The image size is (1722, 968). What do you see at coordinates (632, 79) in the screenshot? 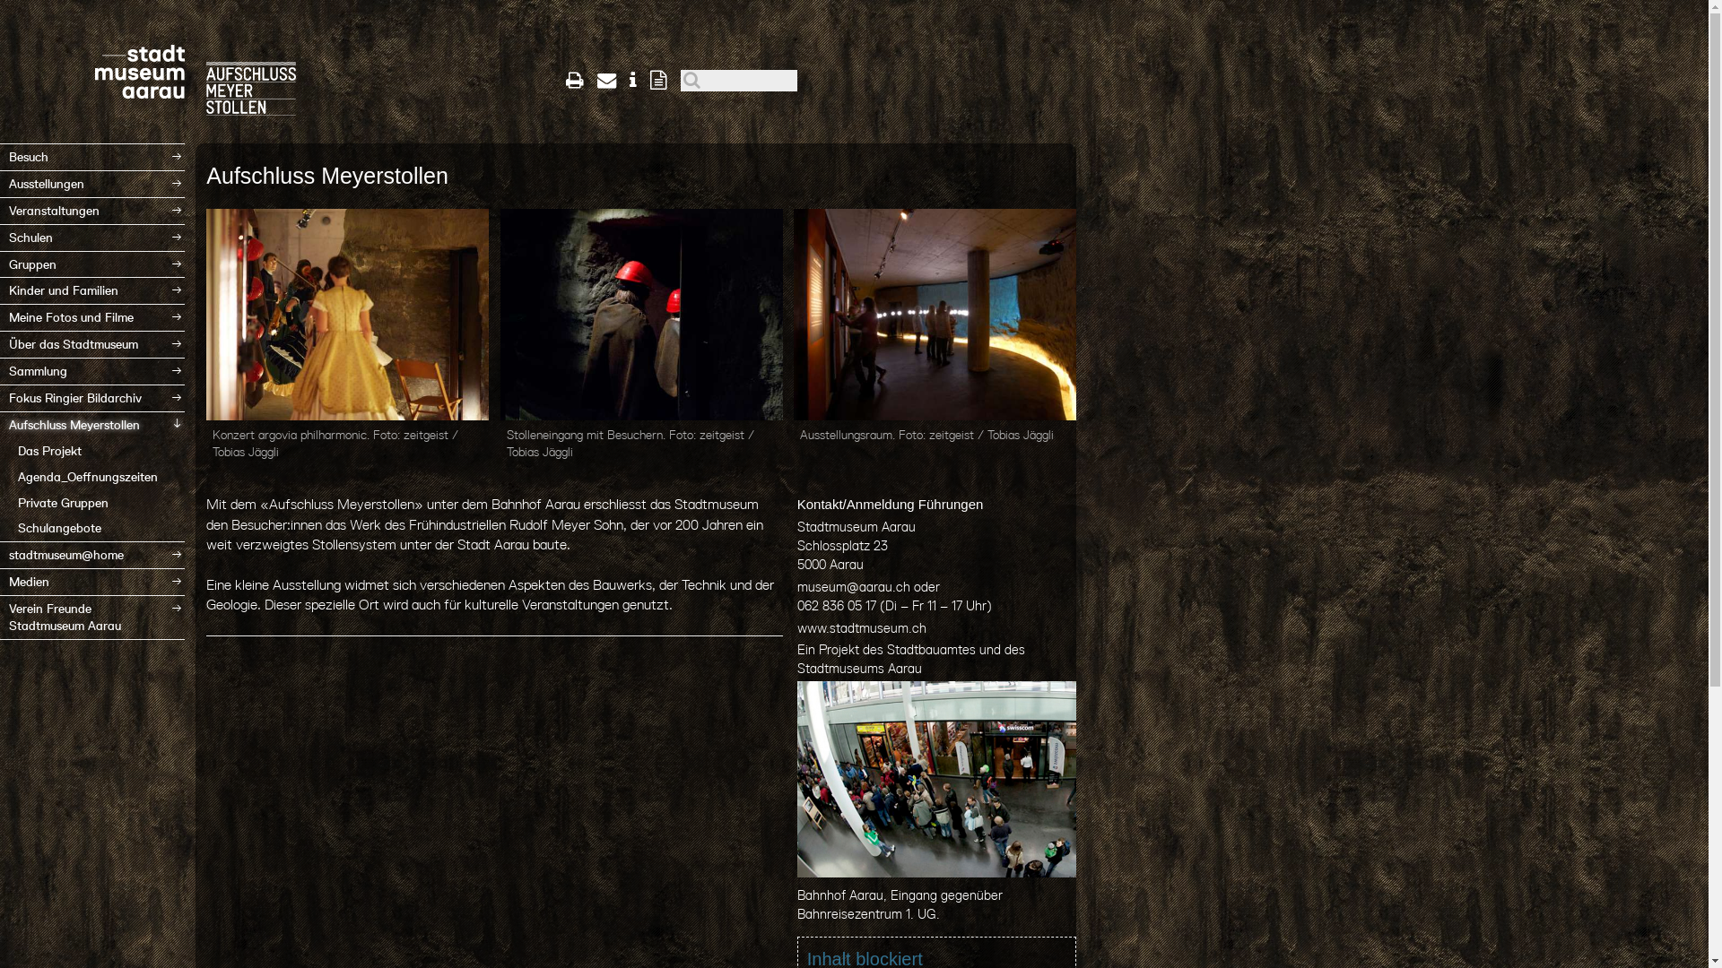
I see `'zu den Informationen'` at bounding box center [632, 79].